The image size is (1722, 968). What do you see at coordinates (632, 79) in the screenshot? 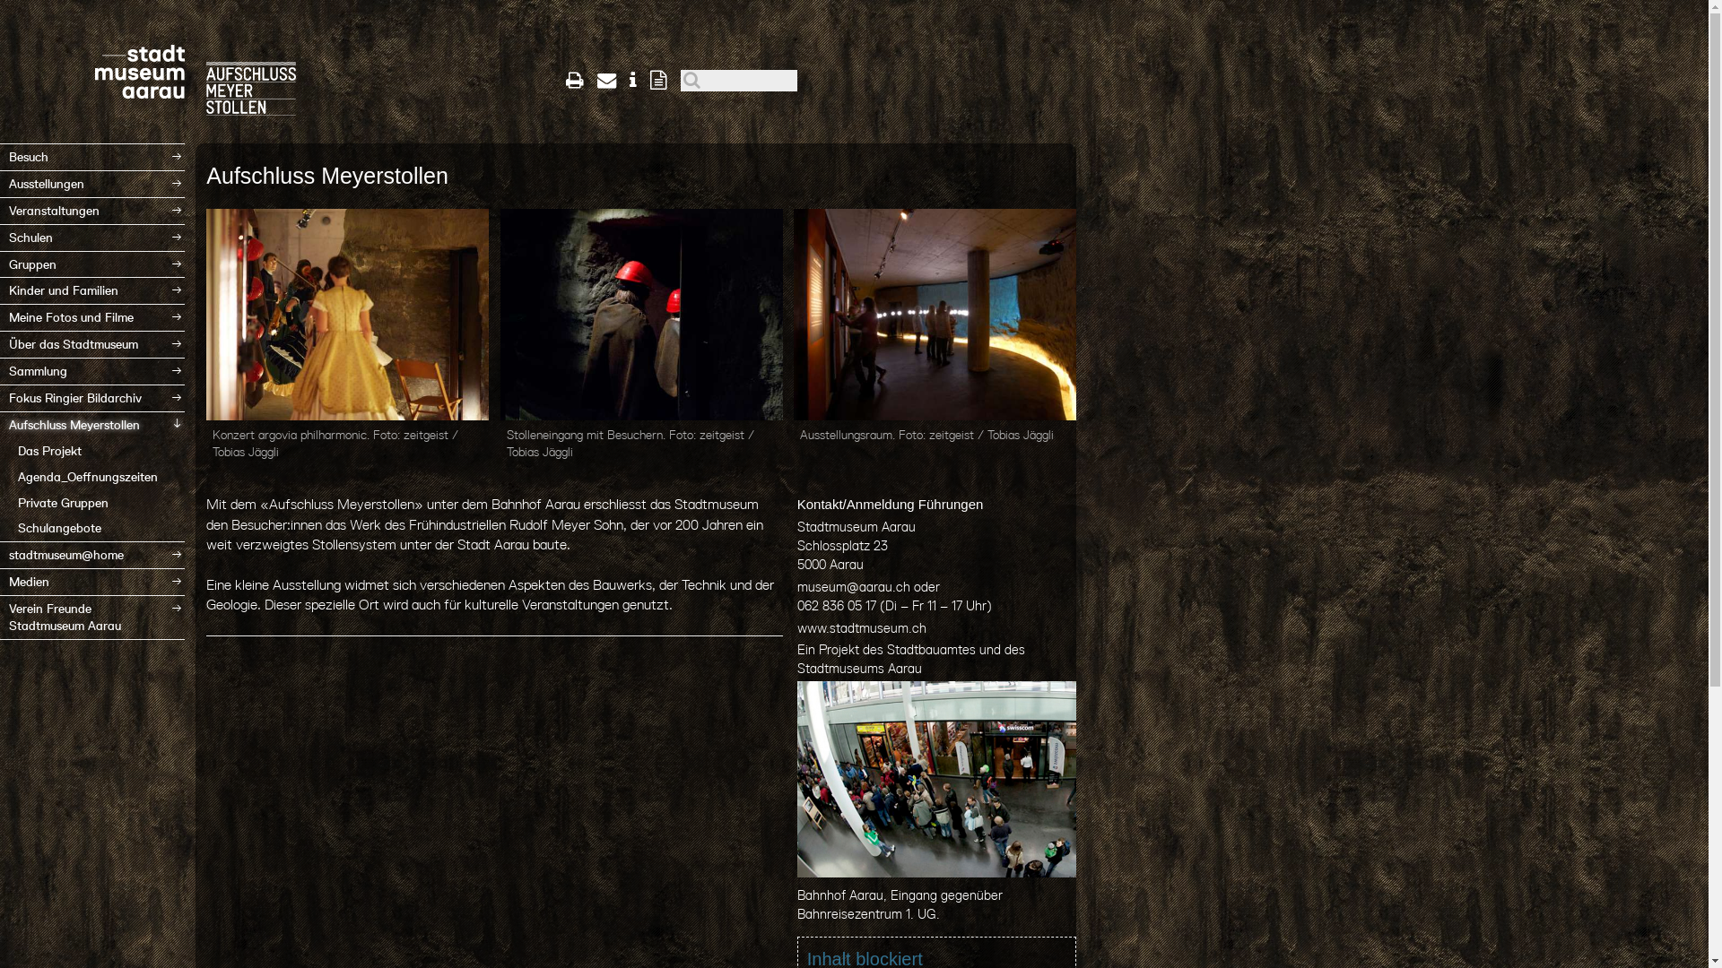
I see `'zu den Informationen'` at bounding box center [632, 79].